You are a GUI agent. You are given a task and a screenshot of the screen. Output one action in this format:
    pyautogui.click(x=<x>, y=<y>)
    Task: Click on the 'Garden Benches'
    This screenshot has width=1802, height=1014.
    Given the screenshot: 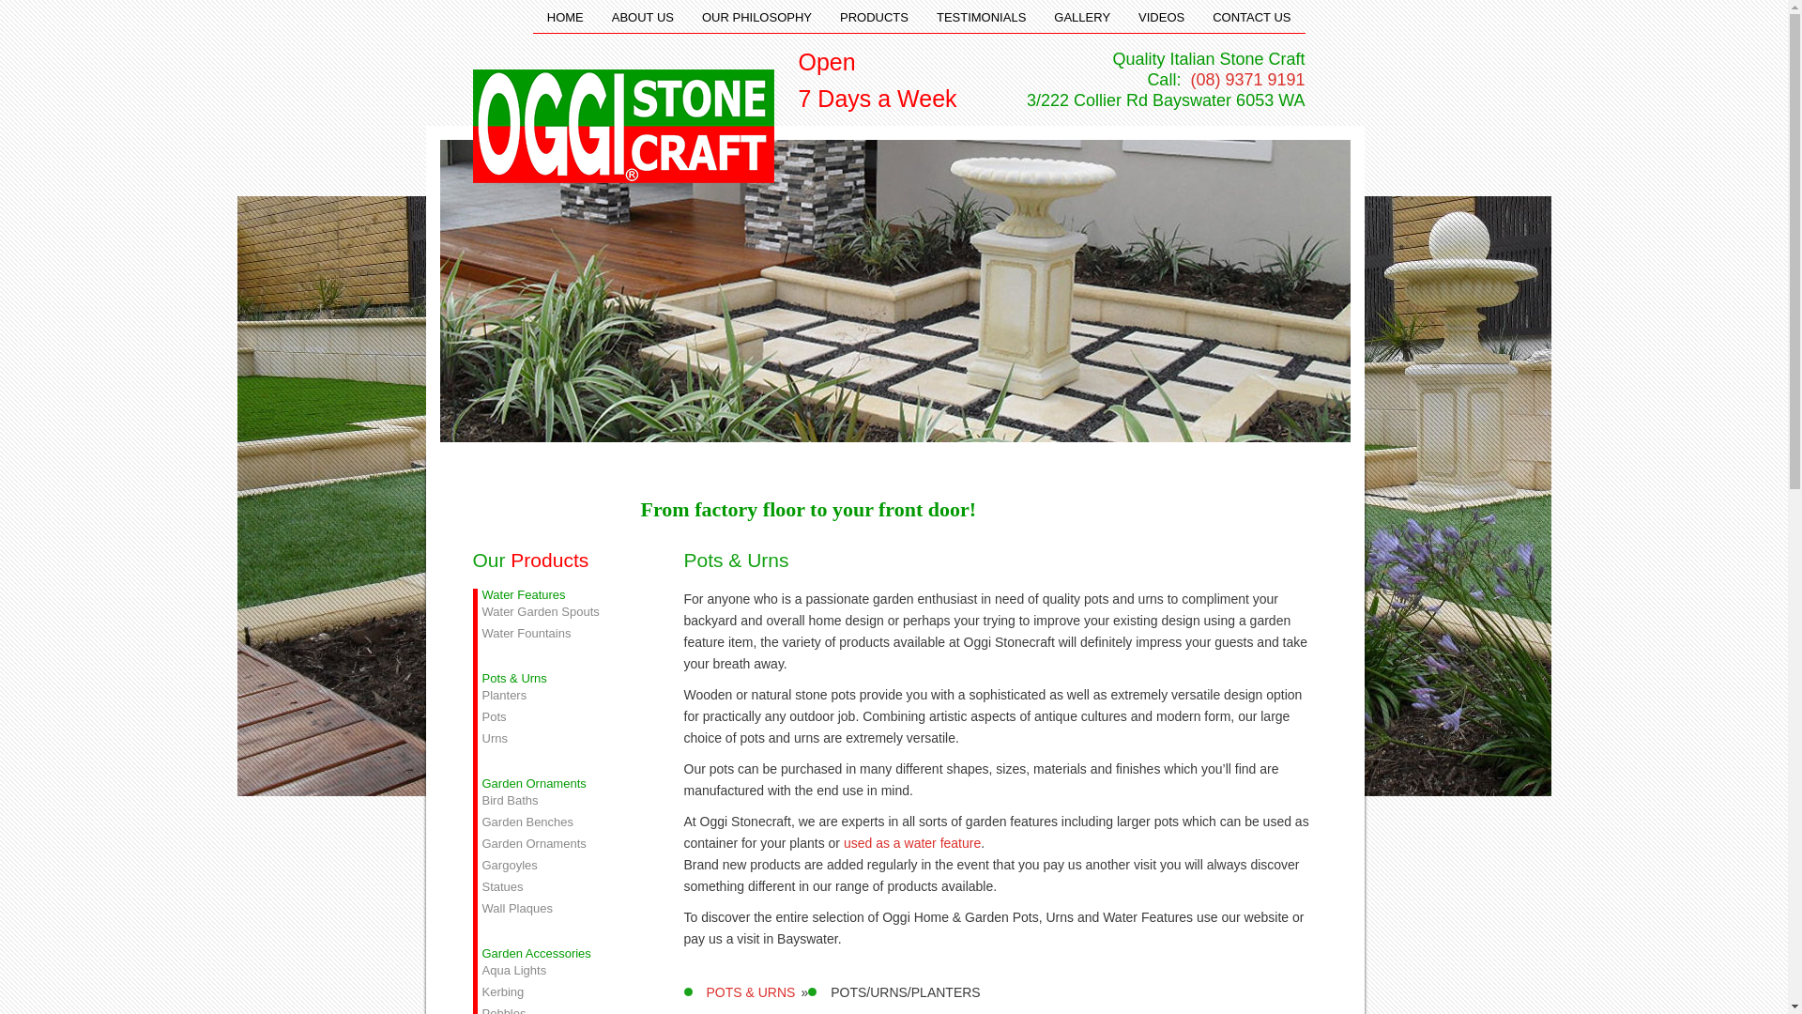 What is the action you would take?
    pyautogui.click(x=558, y=821)
    